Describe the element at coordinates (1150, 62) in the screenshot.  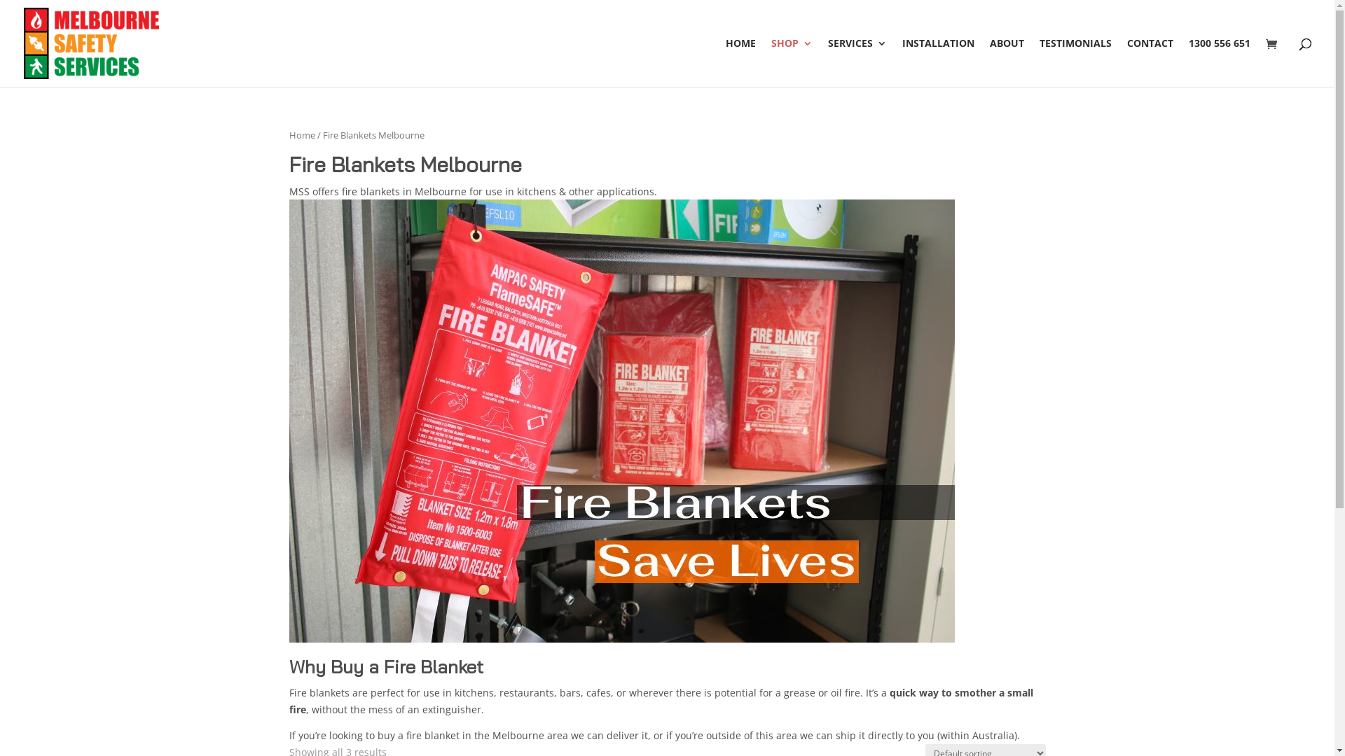
I see `'CONTACT'` at that location.